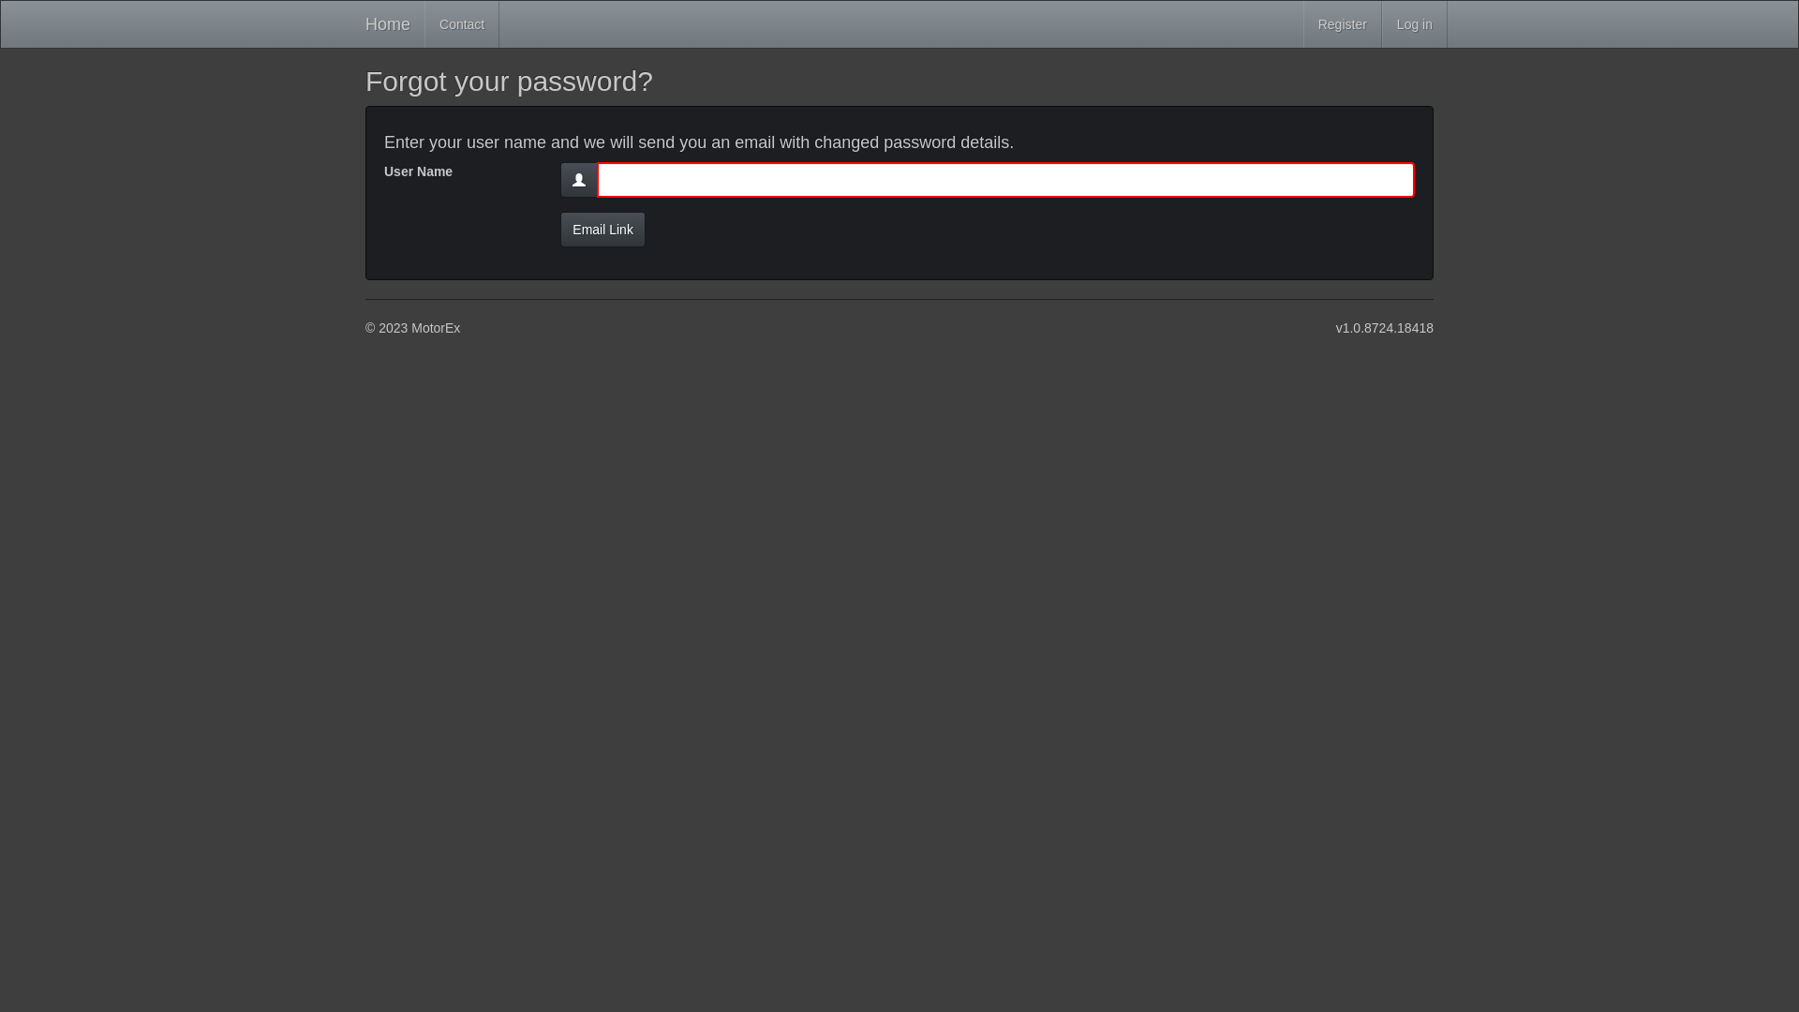 This screenshot has height=1012, width=1799. What do you see at coordinates (386, 24) in the screenshot?
I see `'Home'` at bounding box center [386, 24].